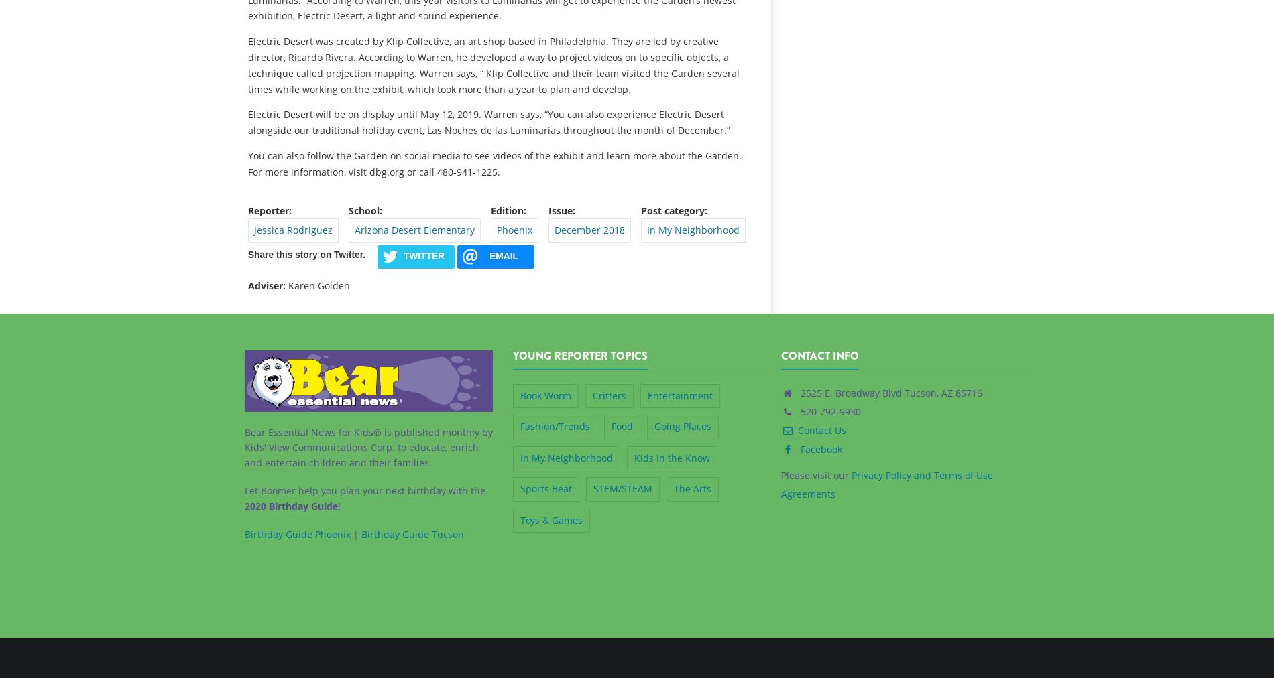 This screenshot has height=678, width=1274. I want to click on 'Fashion/Trends', so click(554, 426).